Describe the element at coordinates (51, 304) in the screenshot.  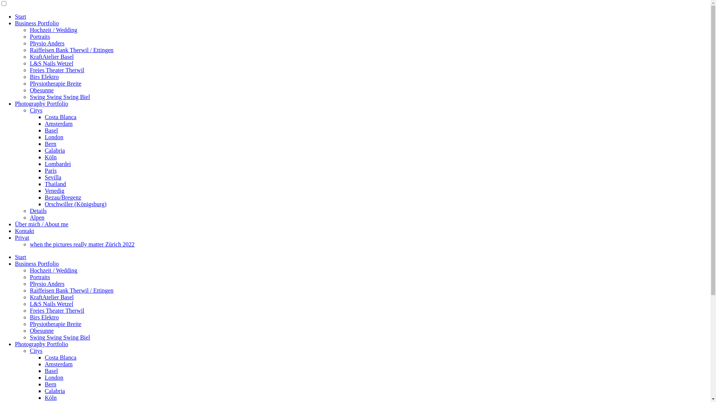
I see `'L&S Nails Wetzel'` at that location.